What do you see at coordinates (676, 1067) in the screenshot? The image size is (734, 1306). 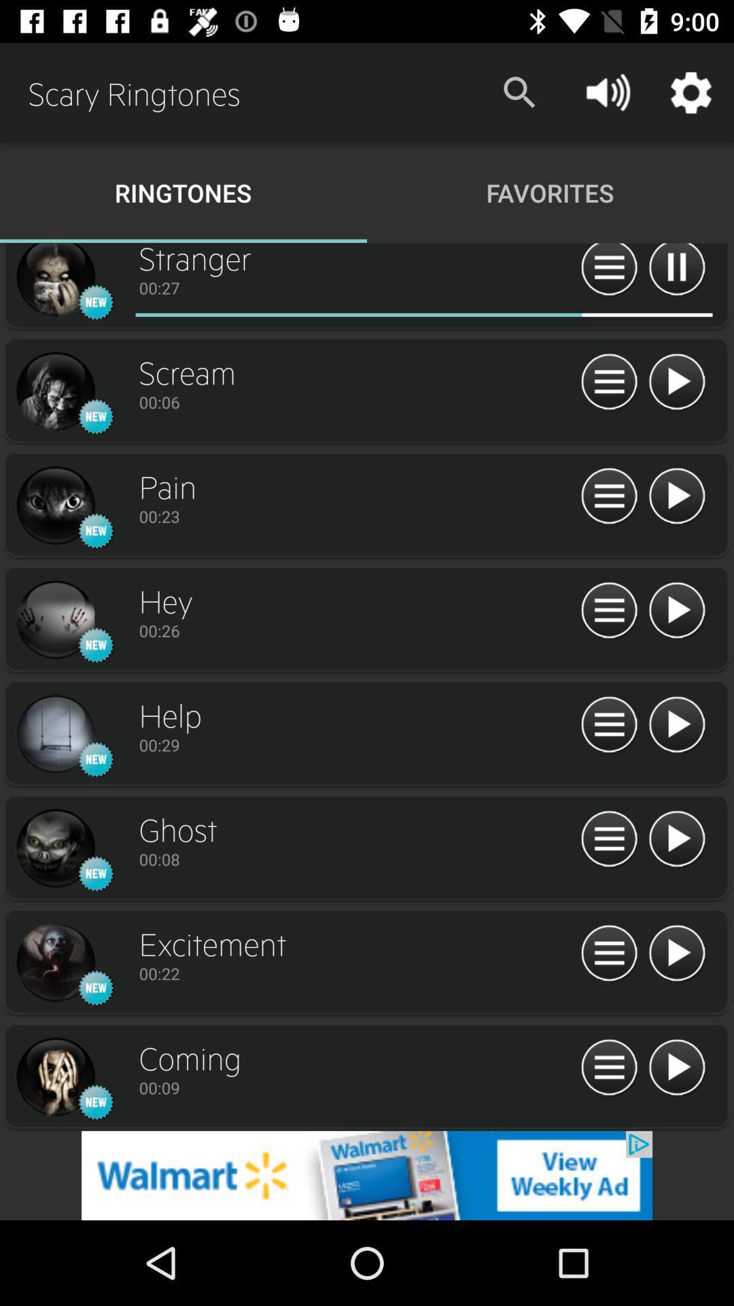 I see `the play button` at bounding box center [676, 1067].